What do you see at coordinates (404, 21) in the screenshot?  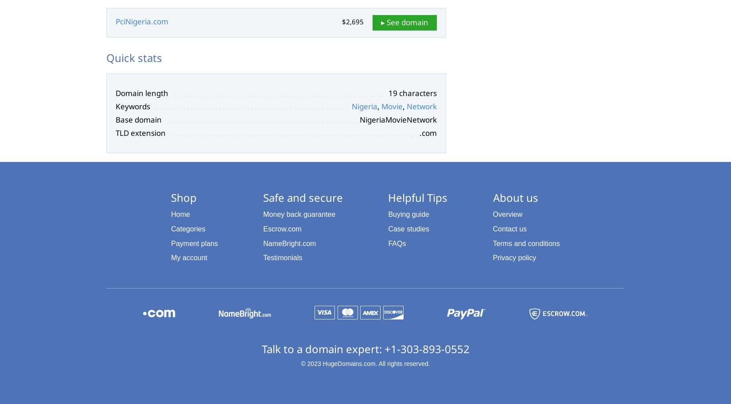 I see `'▸ See domain'` at bounding box center [404, 21].